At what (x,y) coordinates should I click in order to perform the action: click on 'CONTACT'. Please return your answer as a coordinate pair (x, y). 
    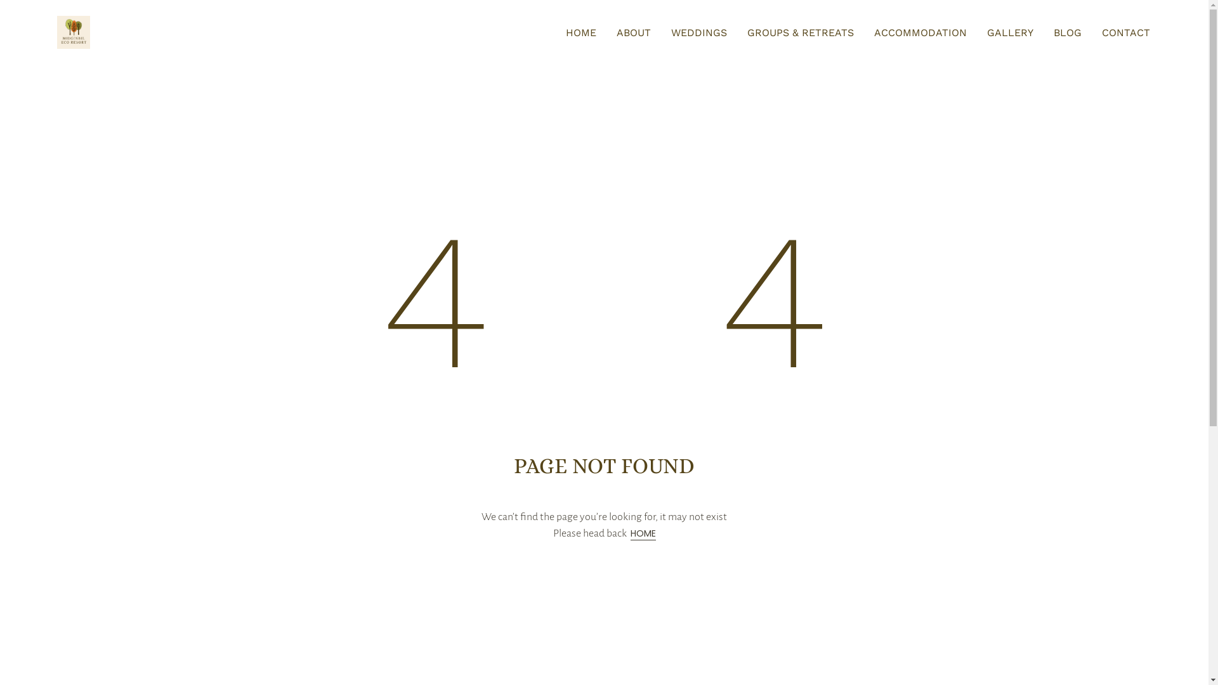
    Looking at the image, I should click on (1101, 32).